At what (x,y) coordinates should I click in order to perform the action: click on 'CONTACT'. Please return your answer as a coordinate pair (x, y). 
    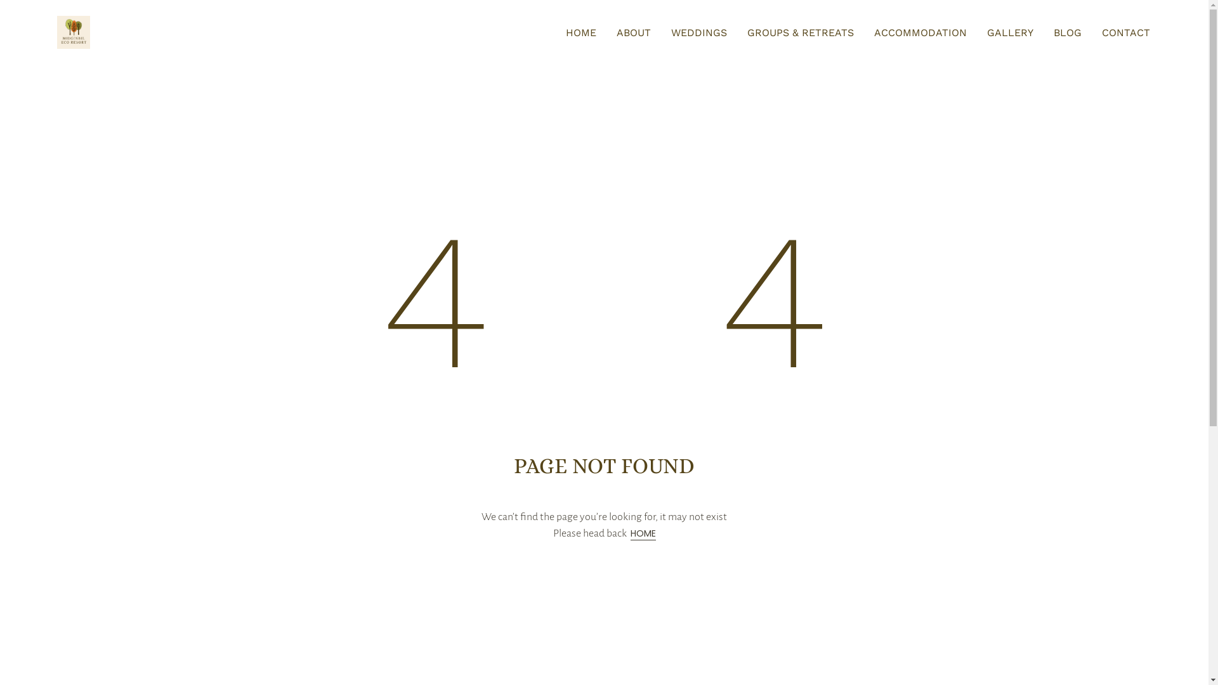
    Looking at the image, I should click on (1101, 32).